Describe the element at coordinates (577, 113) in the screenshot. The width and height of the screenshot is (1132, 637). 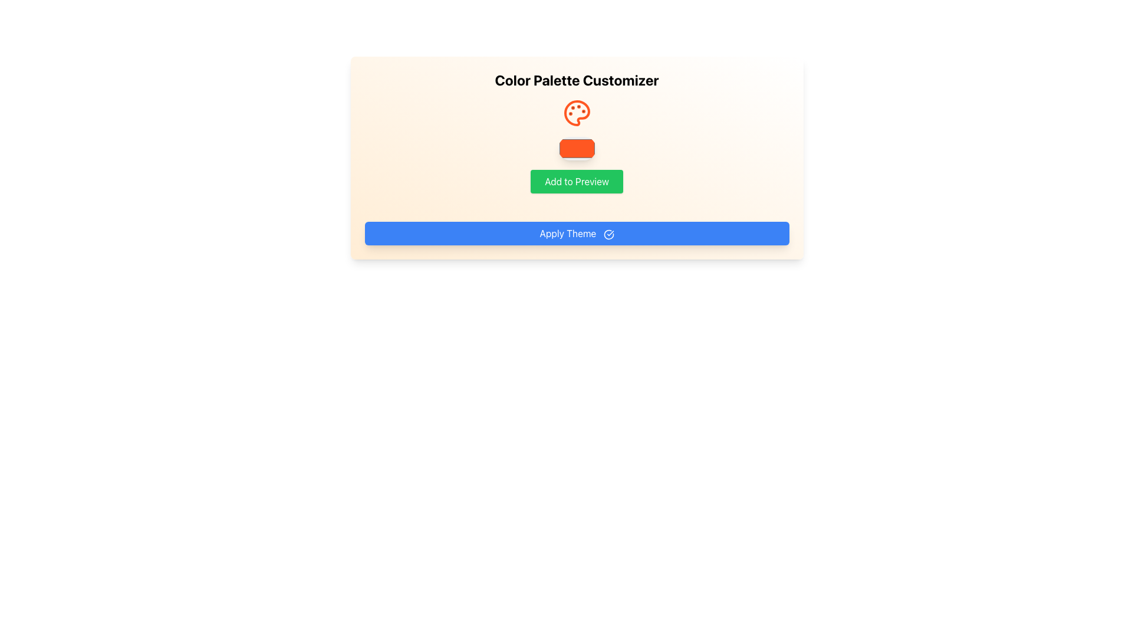
I see `the stylized palette icon filled with an orange stroke` at that location.